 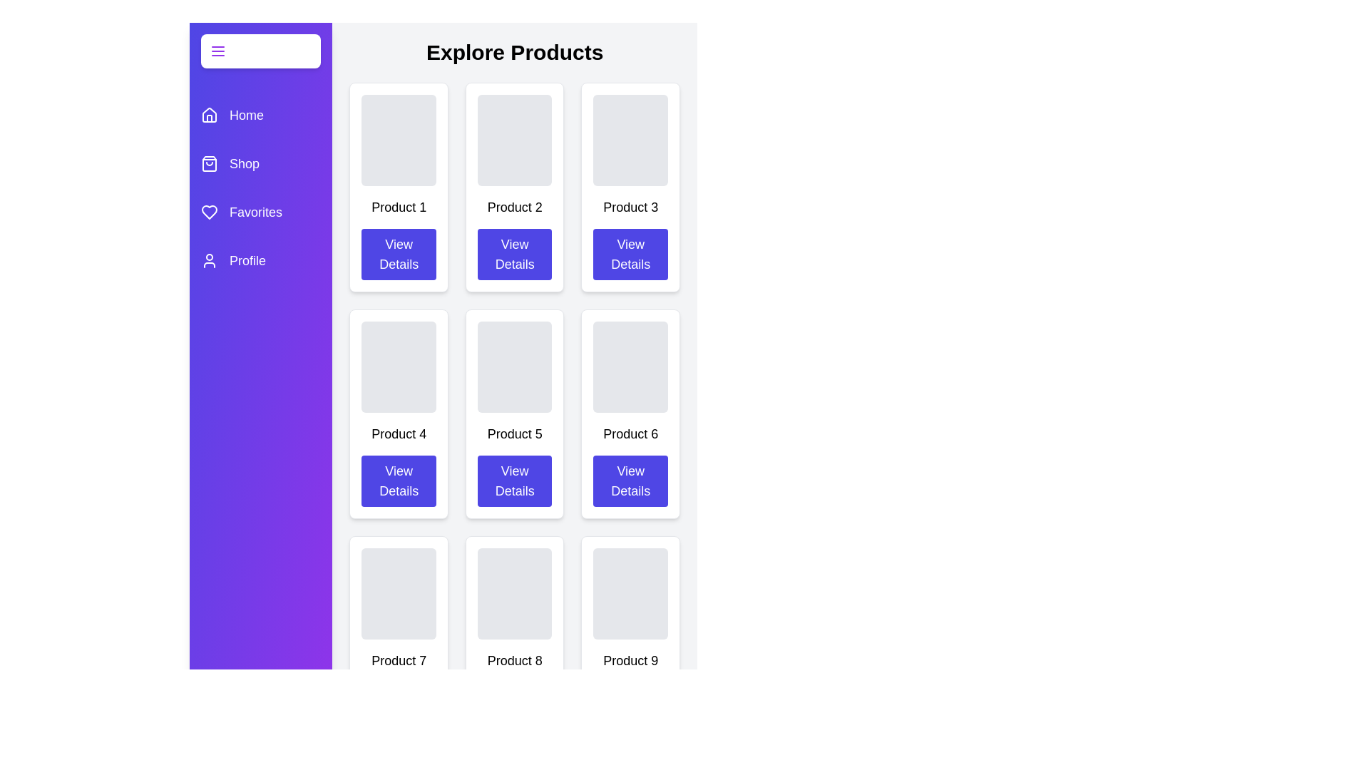 I want to click on the category Shop in the drawer to highlight it, so click(x=260, y=163).